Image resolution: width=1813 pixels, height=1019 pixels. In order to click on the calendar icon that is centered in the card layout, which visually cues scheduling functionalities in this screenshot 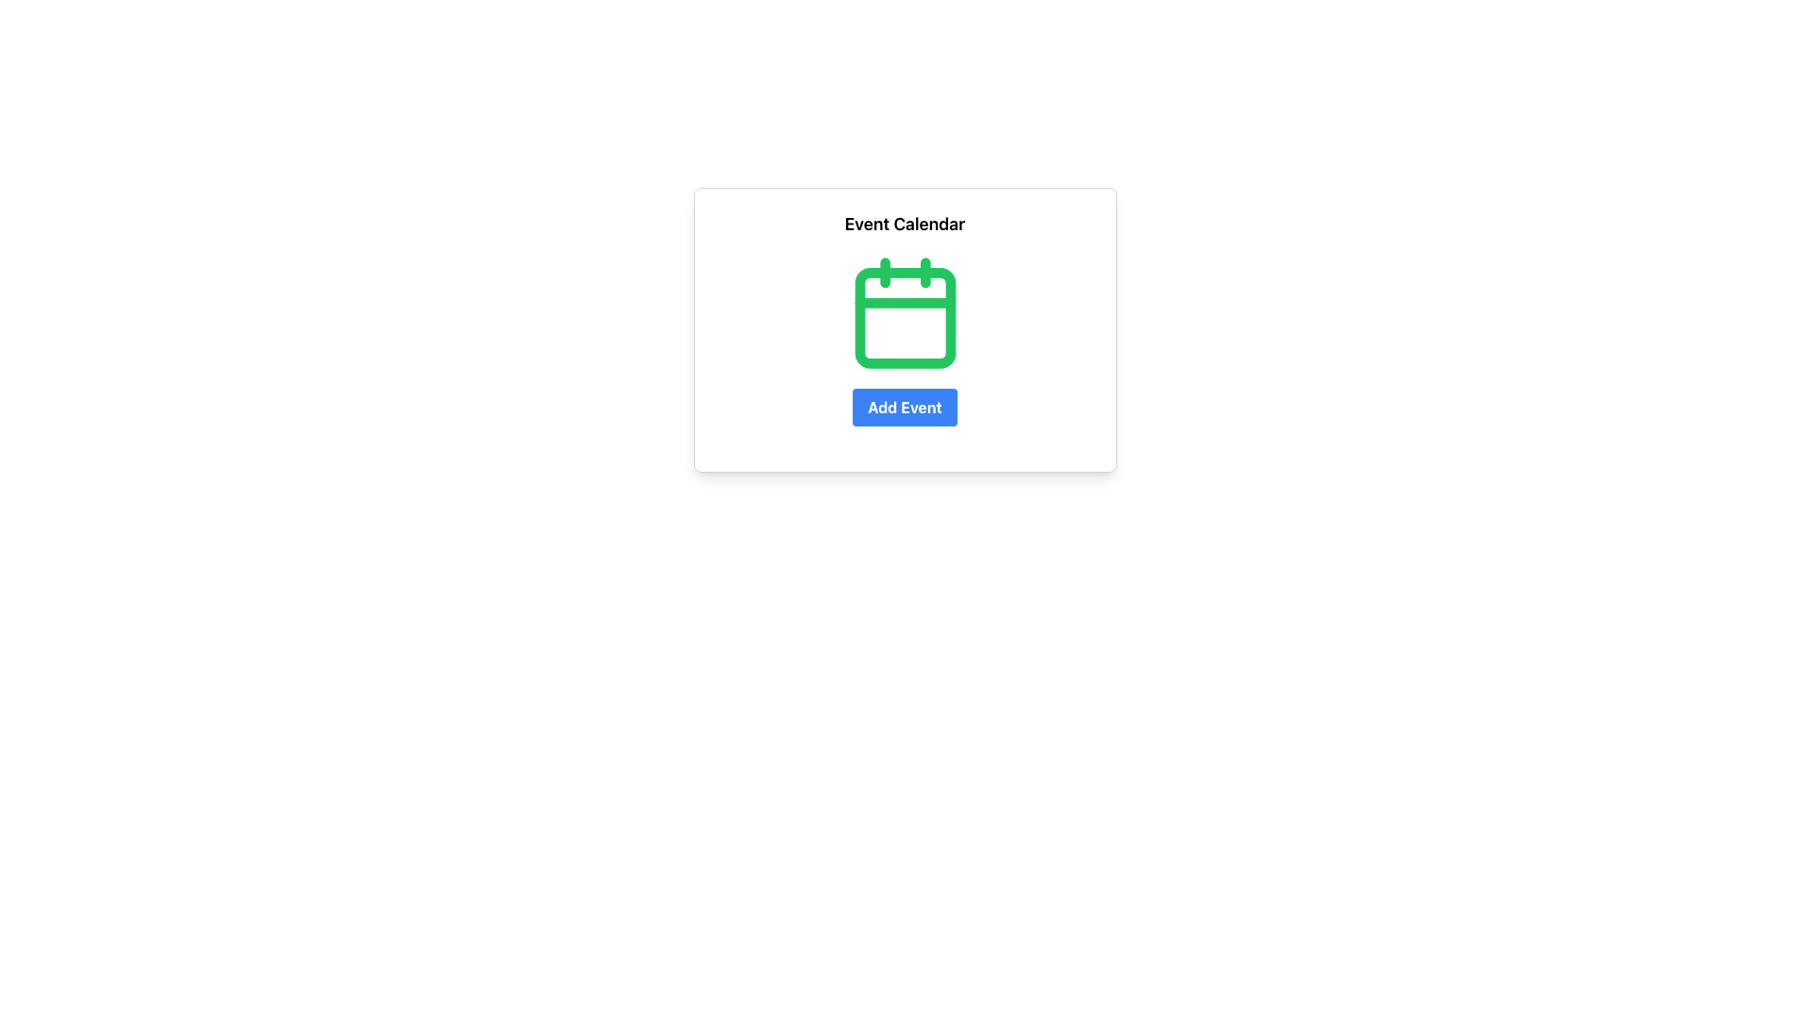, I will do `click(904, 311)`.